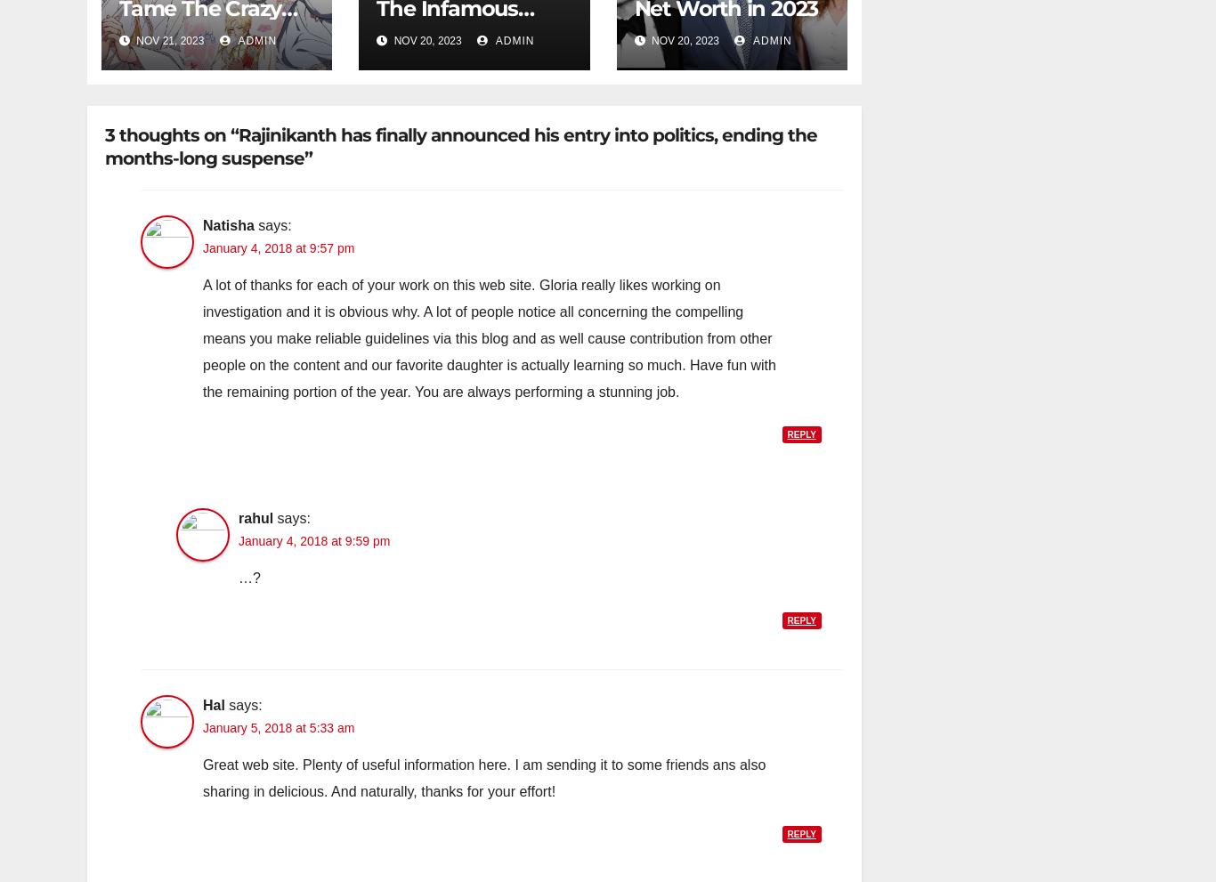  Describe the element at coordinates (132, 38) in the screenshot. I see `'Nov 21, 2023'` at that location.